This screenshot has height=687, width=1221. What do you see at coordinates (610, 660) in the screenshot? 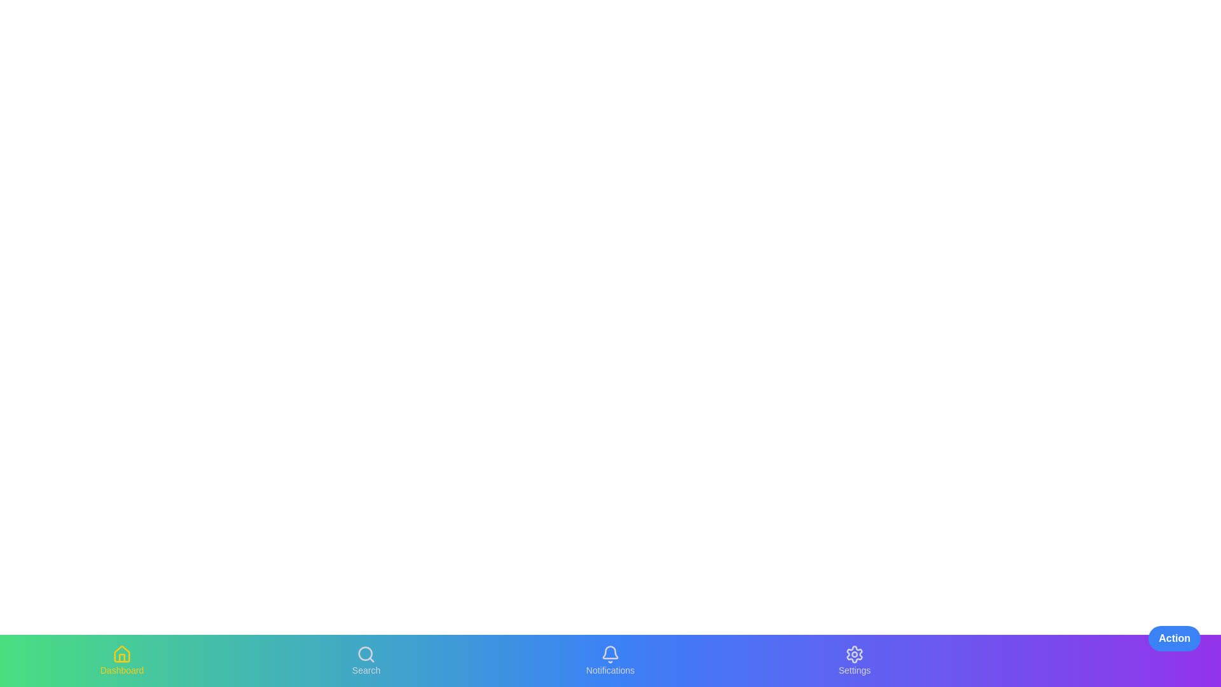
I see `the navigation item labeled Notifications` at bounding box center [610, 660].